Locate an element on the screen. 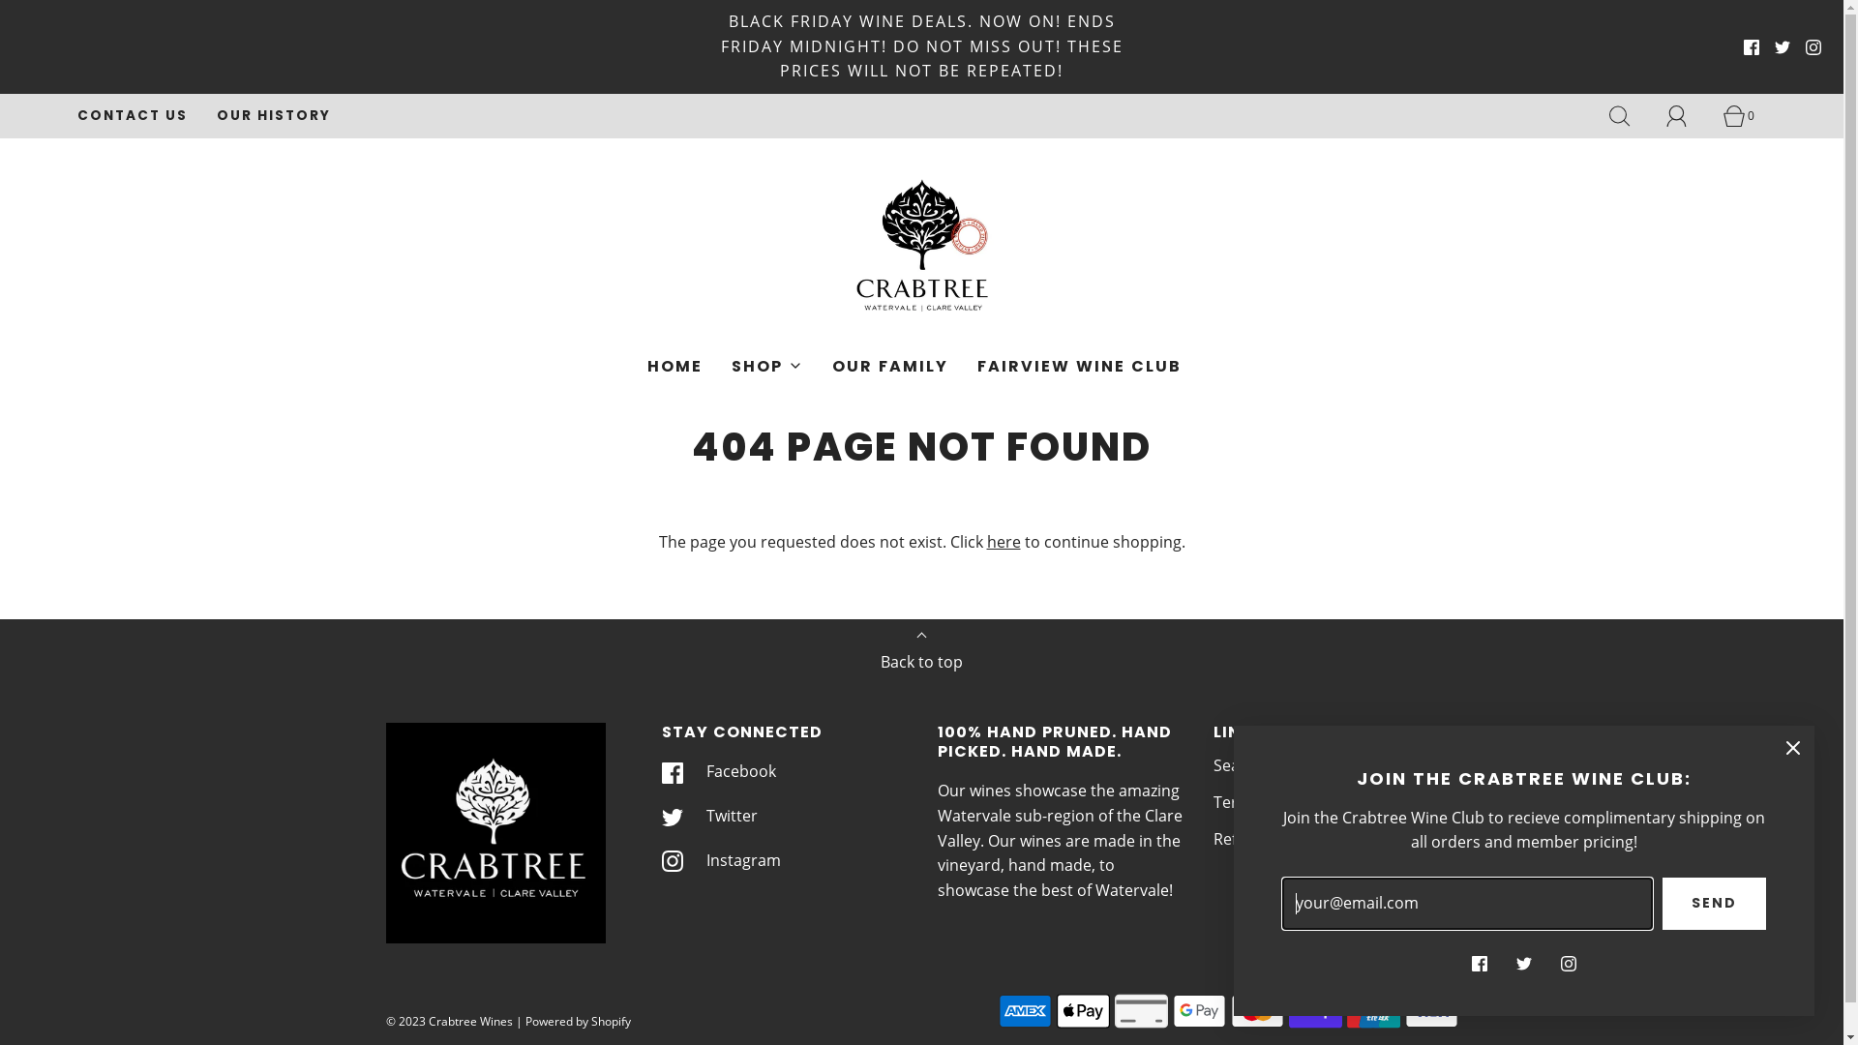 The image size is (1858, 1045). 'CONTACT US' is located at coordinates (77, 115).